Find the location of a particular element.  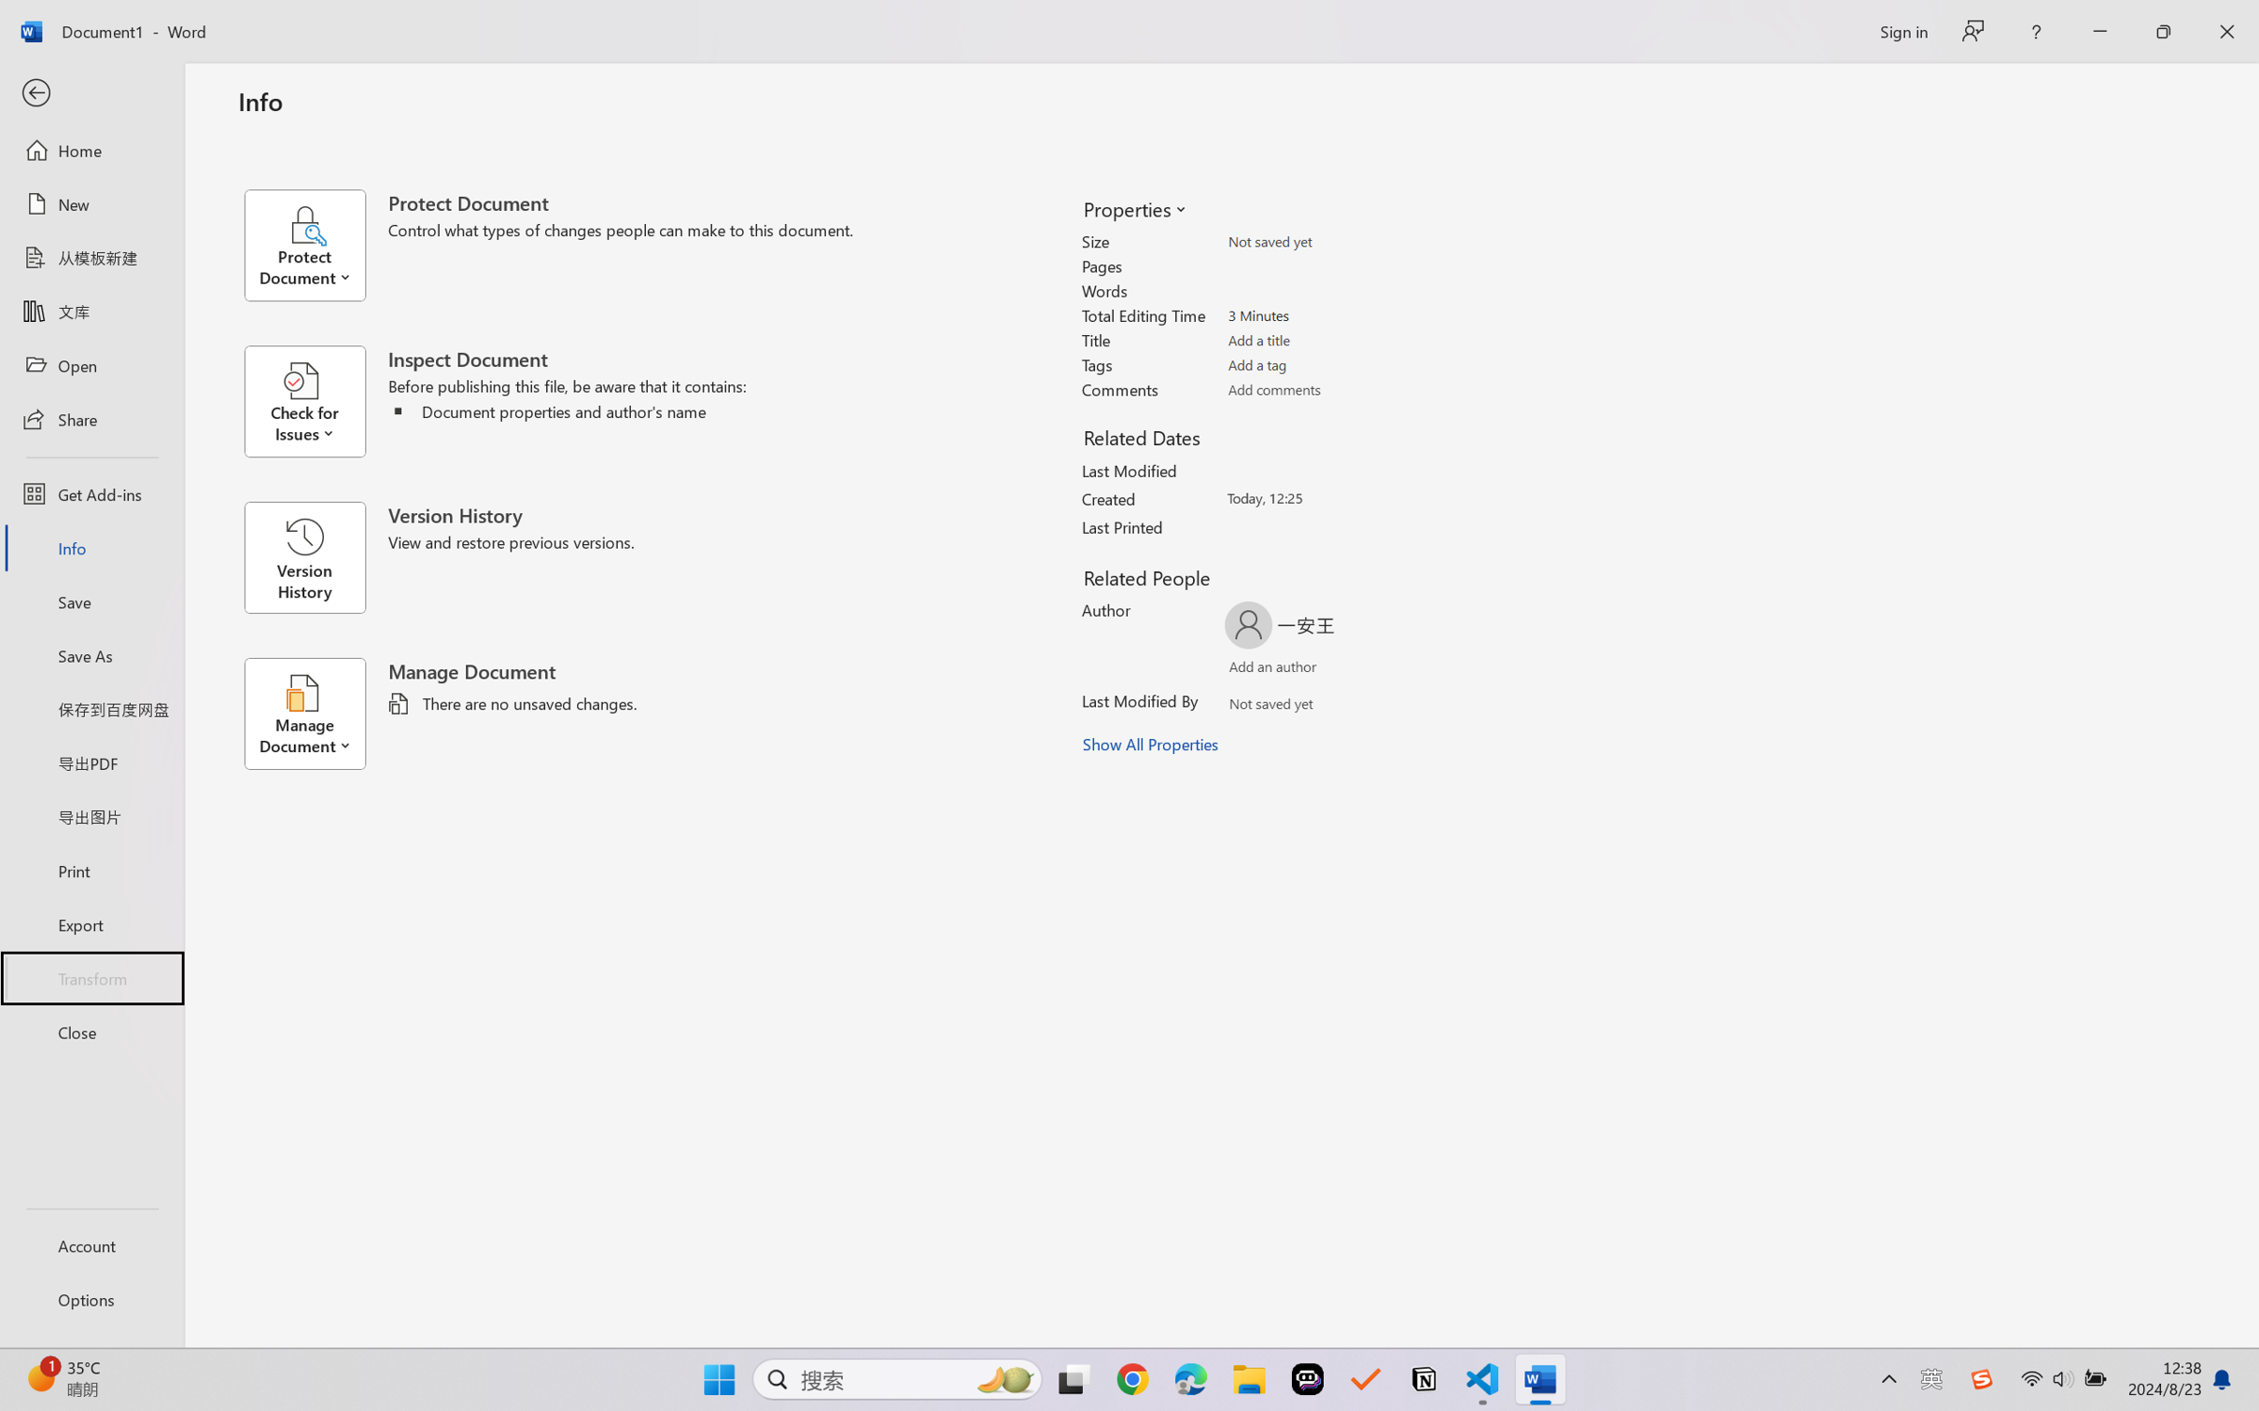

'Properties' is located at coordinates (1133, 208).